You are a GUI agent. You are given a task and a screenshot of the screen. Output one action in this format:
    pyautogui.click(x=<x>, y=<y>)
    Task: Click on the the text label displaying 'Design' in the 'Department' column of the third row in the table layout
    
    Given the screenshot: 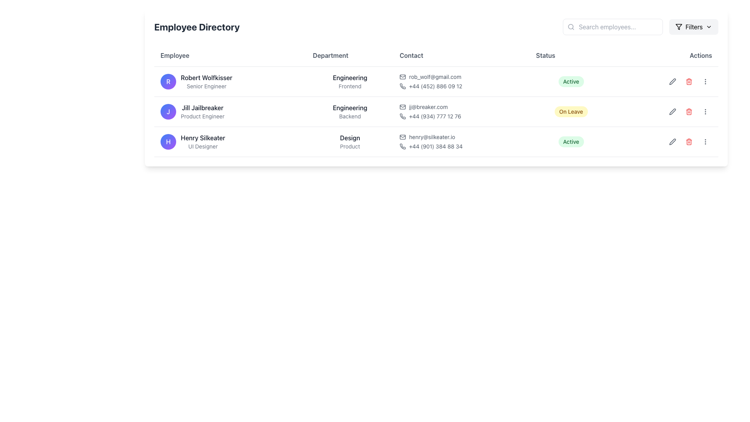 What is the action you would take?
    pyautogui.click(x=350, y=138)
    